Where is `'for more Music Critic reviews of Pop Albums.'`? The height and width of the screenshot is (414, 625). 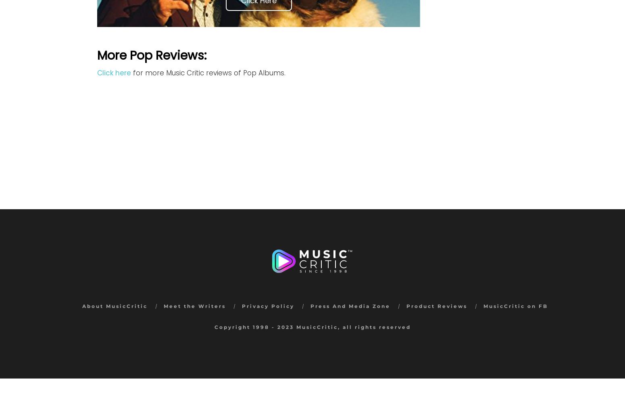
'for more Music Critic reviews of Pop Albums.' is located at coordinates (208, 72).